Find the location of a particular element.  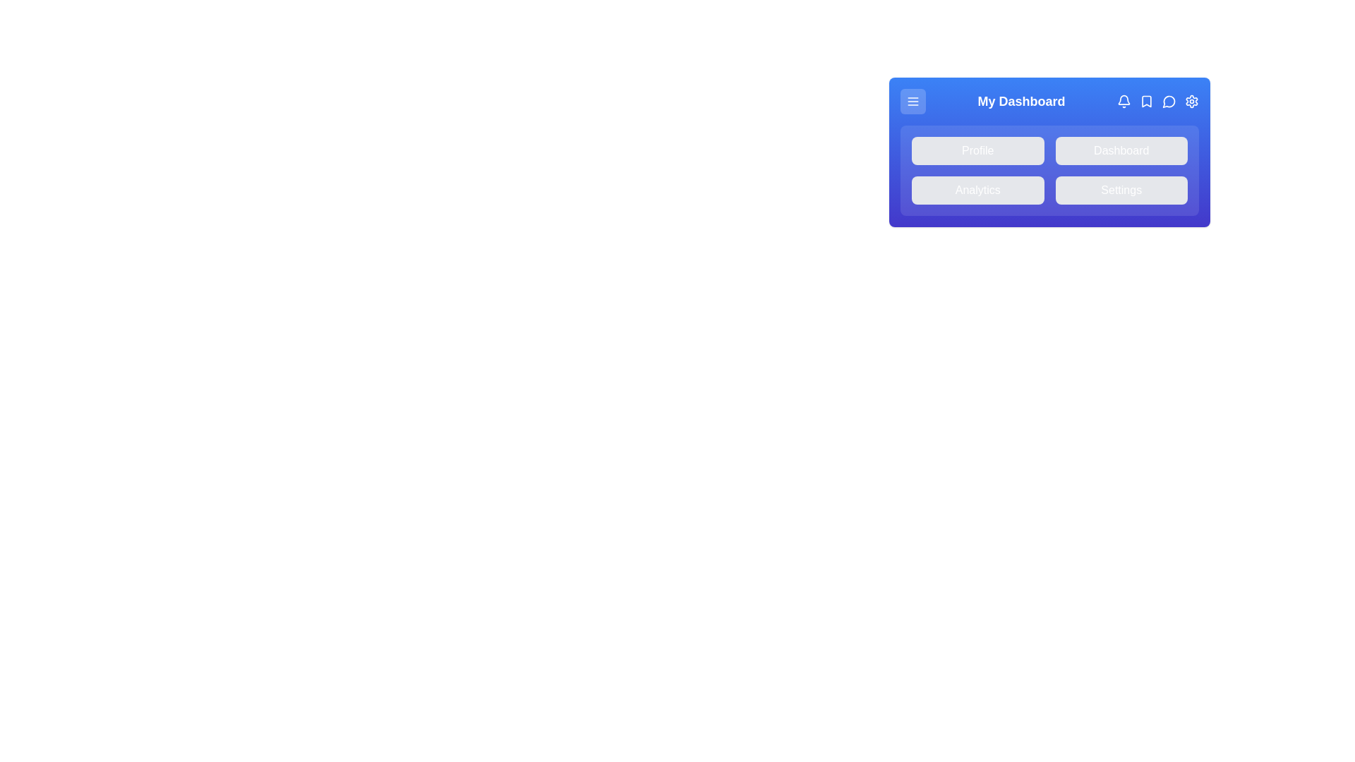

the menu icon to toggle the visibility of the menu is located at coordinates (913, 100).